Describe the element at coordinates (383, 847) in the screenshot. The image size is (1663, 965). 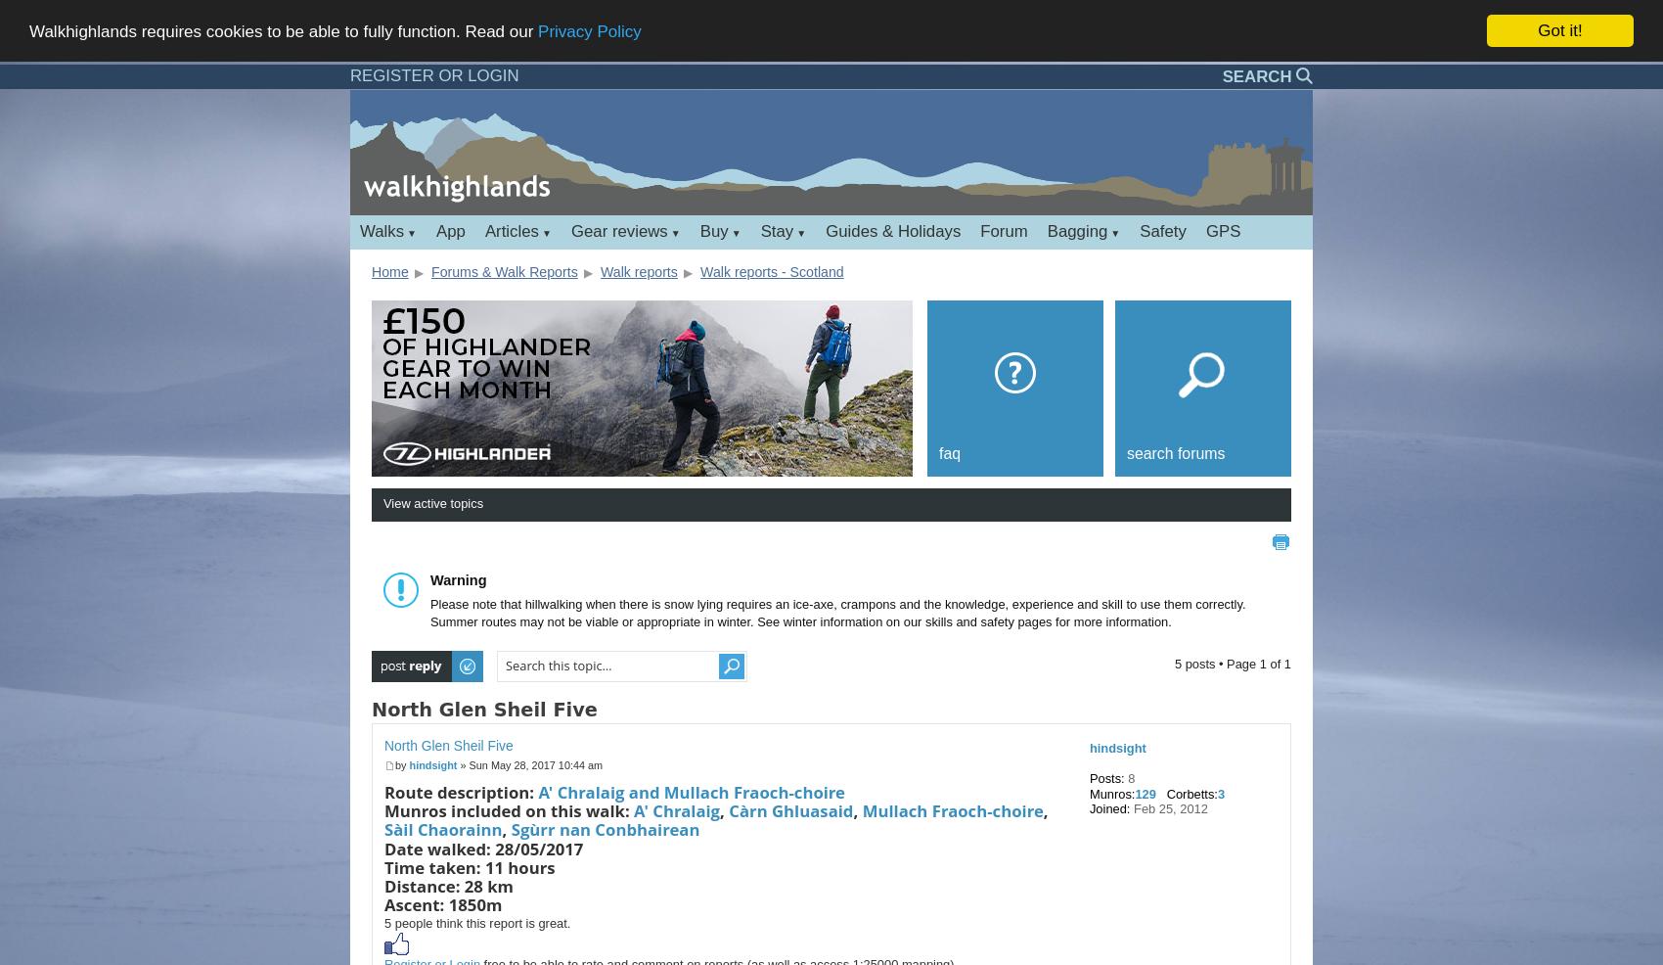
I see `'Date walked: 28/05/2017'` at that location.